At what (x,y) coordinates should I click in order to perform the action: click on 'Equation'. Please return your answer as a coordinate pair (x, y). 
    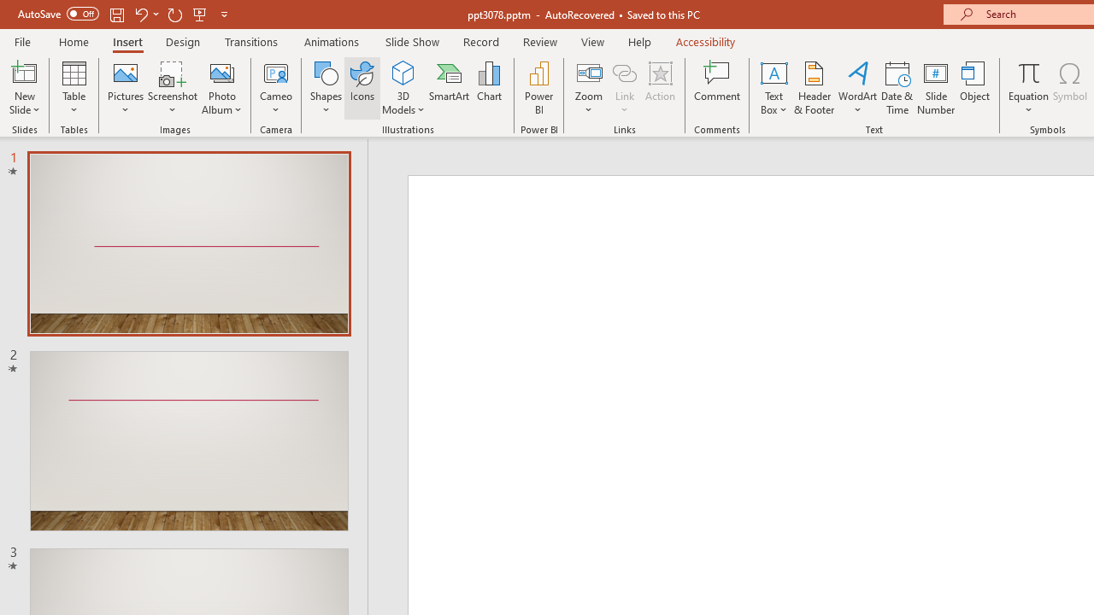
    Looking at the image, I should click on (1027, 72).